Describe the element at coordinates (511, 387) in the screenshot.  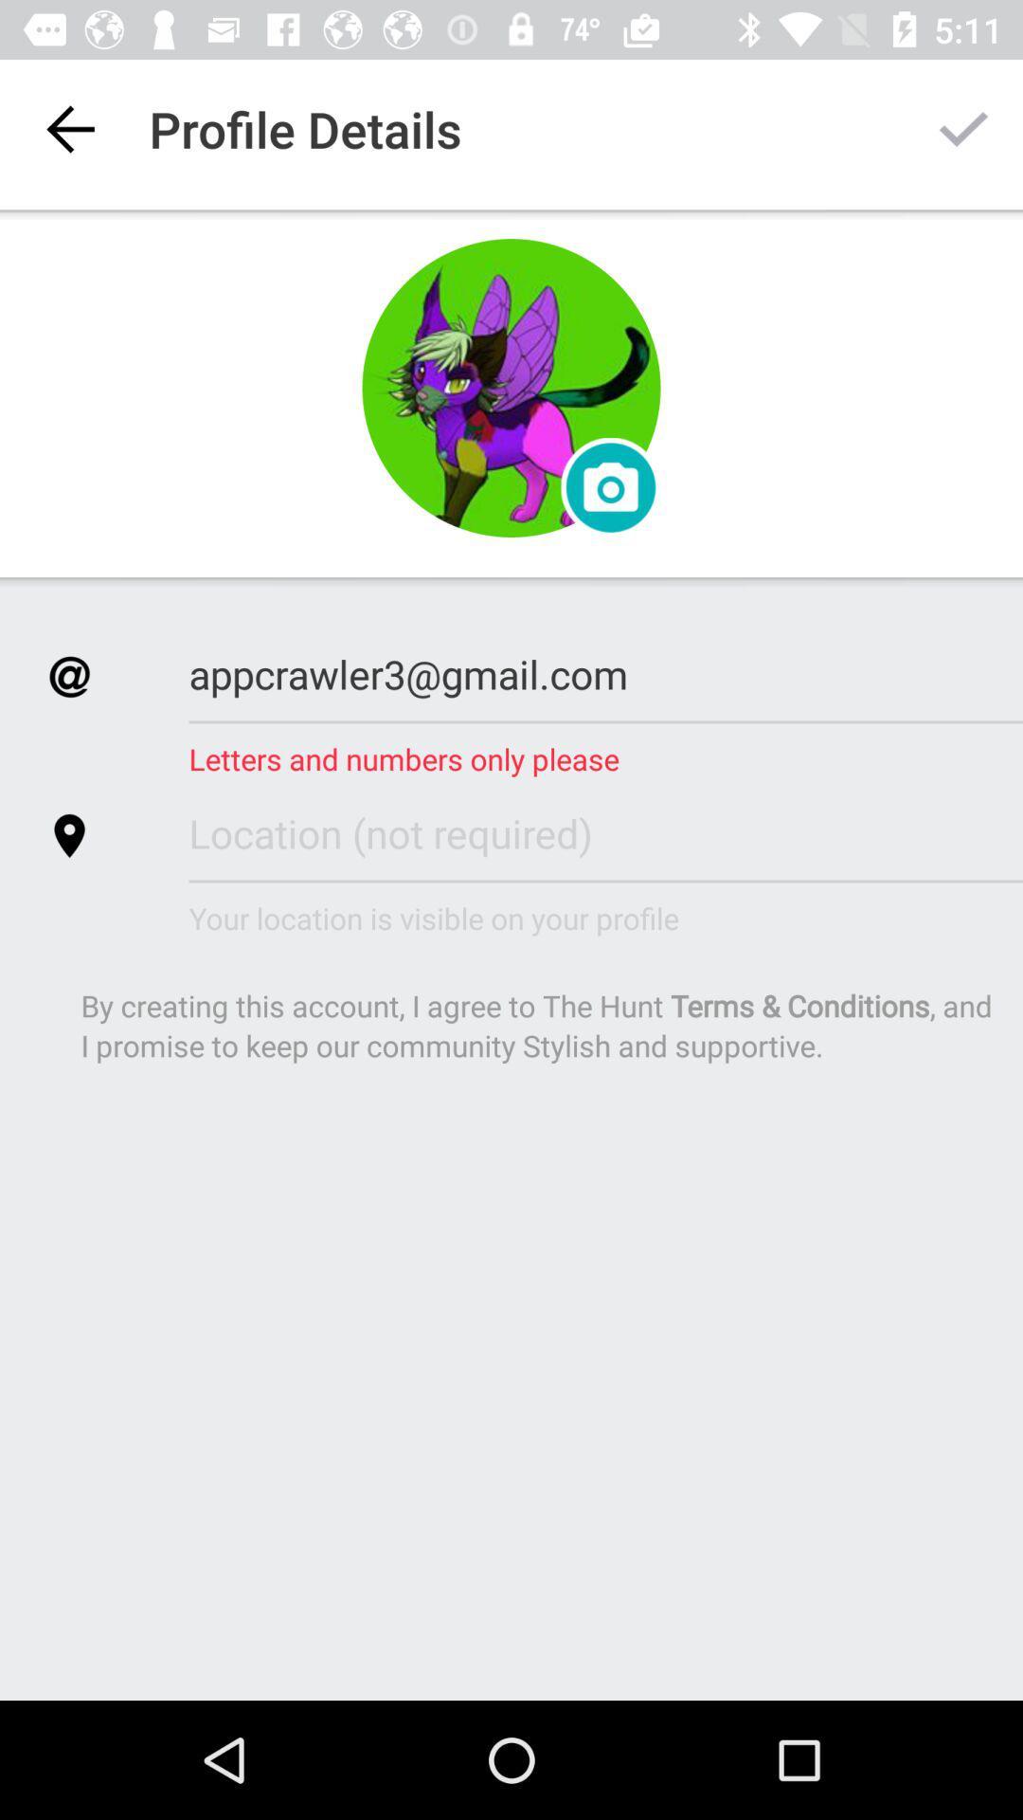
I see `choose profile picture` at that location.